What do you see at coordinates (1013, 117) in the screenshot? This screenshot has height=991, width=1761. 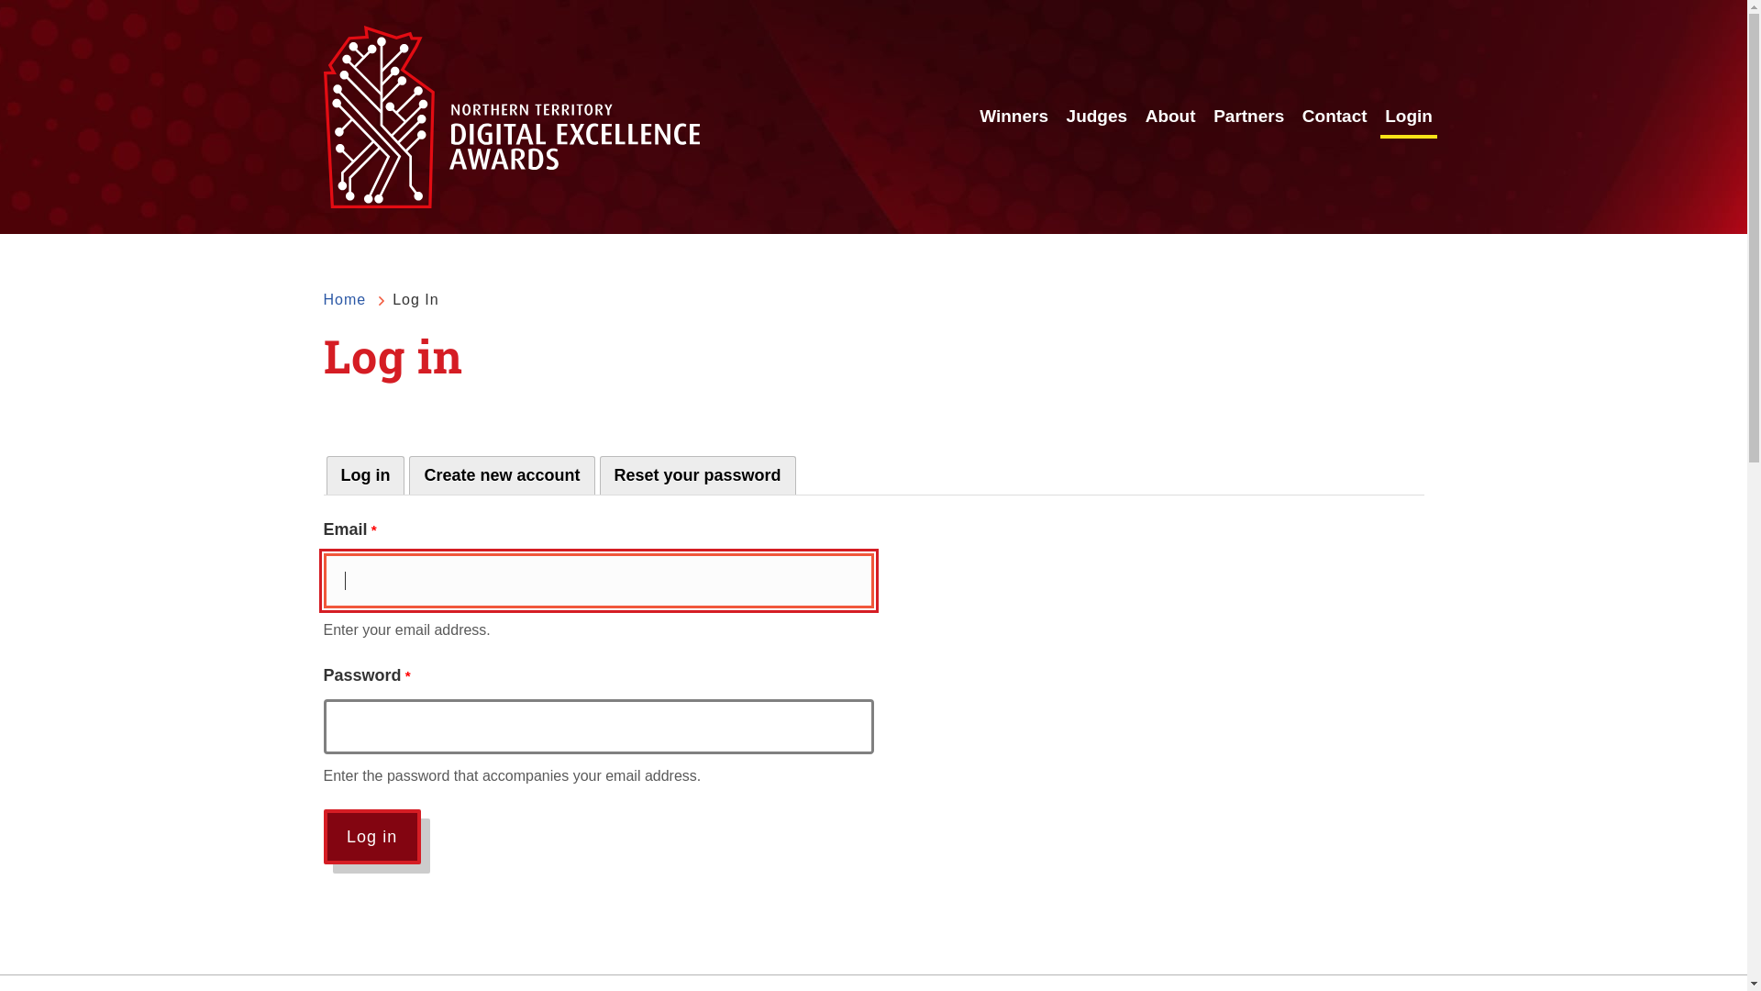 I see `'Winners'` at bounding box center [1013, 117].